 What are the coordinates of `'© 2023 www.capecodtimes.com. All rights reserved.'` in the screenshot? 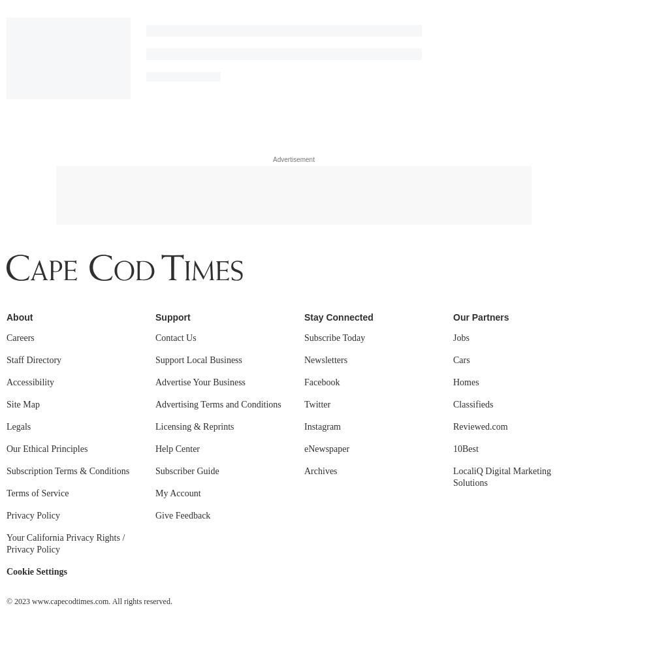 It's located at (89, 236).